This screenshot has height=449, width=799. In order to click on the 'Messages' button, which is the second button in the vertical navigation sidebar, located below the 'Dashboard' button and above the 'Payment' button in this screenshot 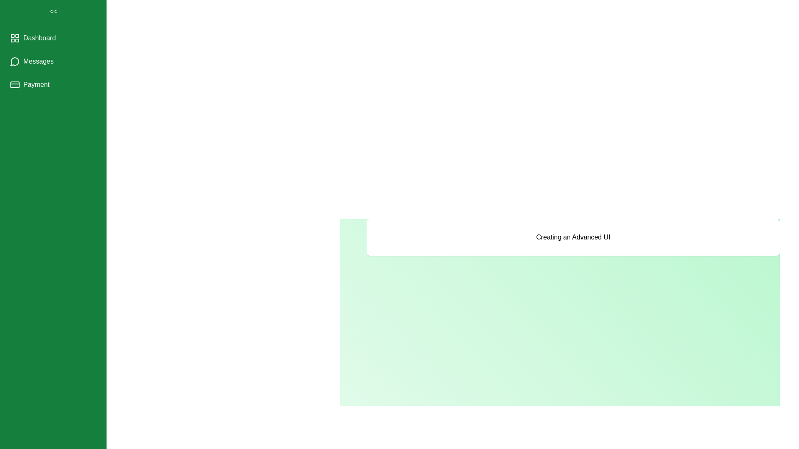, I will do `click(32, 61)`.